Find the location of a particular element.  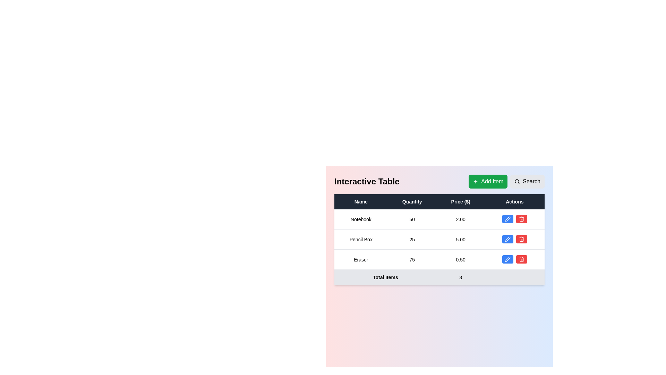

the Table summary row element at the bottom of the table, which has a light gray background and displays 'Total Items' on the left and '3' on the right is located at coordinates (439, 277).